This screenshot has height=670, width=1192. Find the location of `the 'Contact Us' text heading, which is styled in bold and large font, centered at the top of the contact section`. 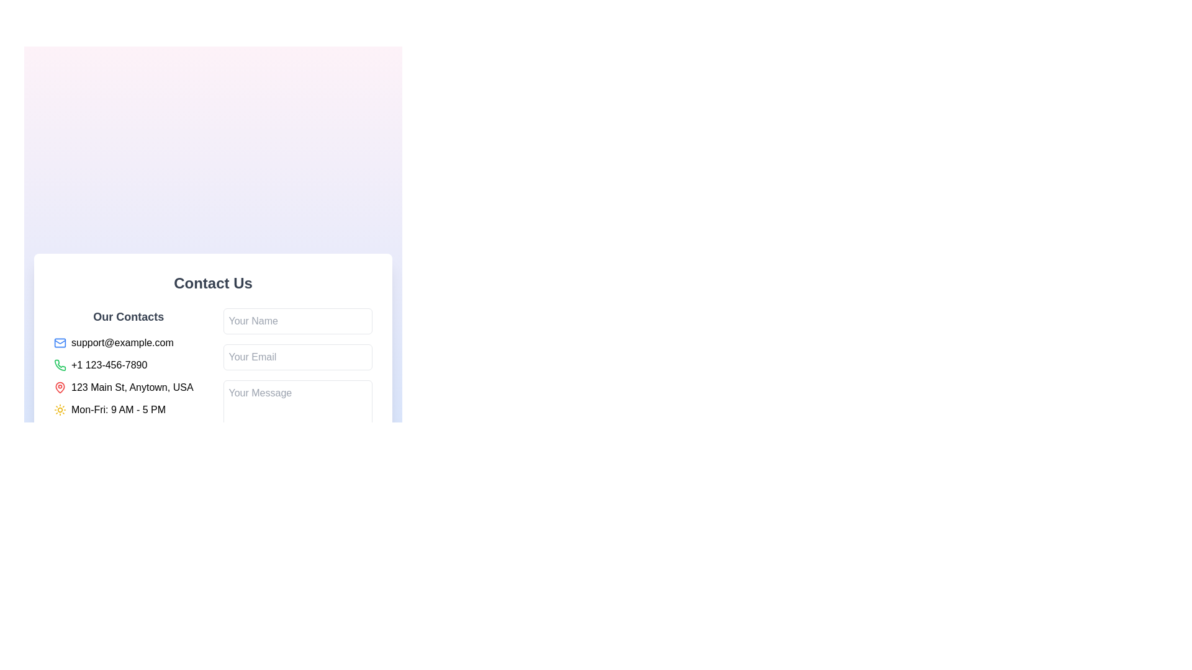

the 'Contact Us' text heading, which is styled in bold and large font, centered at the top of the contact section is located at coordinates (213, 283).